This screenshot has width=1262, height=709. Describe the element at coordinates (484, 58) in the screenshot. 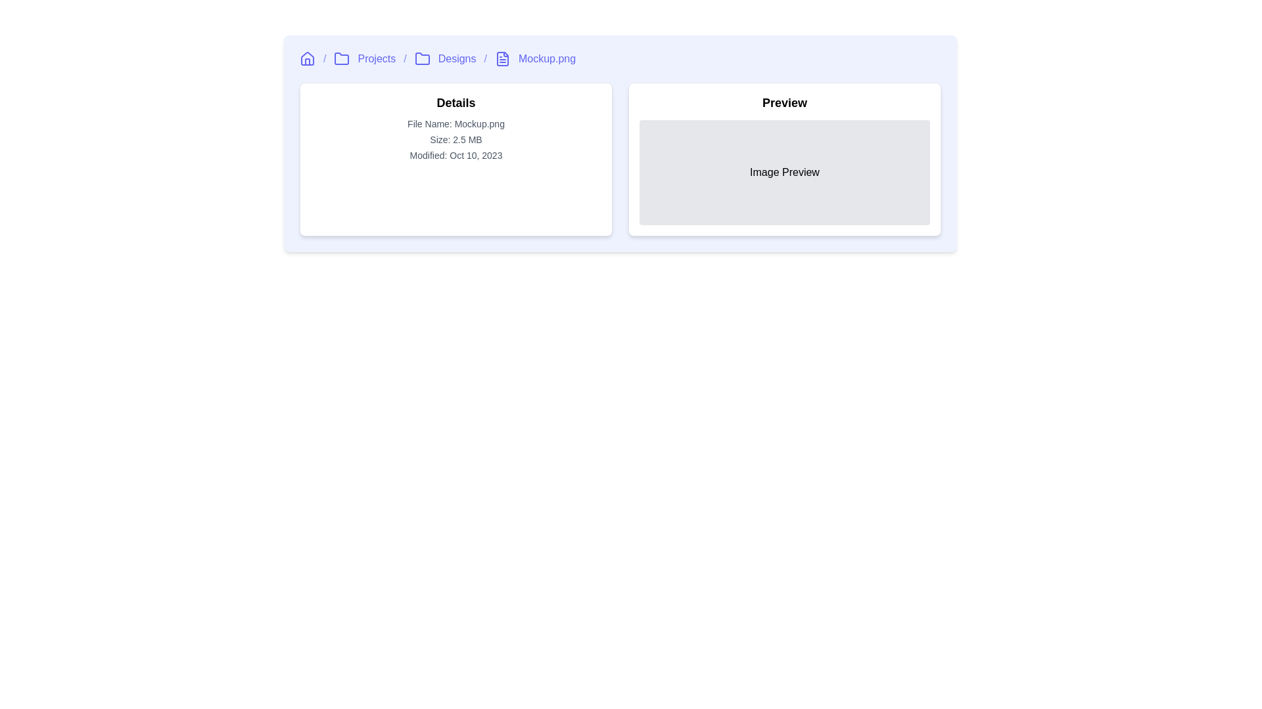

I see `the '/' character in the breadcrumb navigation, which separates the 'Designs' folder and 'Mockup.png' file, indicating the fourth occurrence of this character` at that location.